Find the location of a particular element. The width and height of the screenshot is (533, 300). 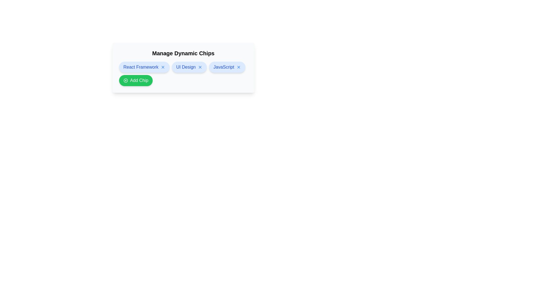

close button of the chip labeled 'React Framework' to remove it is located at coordinates (162, 67).